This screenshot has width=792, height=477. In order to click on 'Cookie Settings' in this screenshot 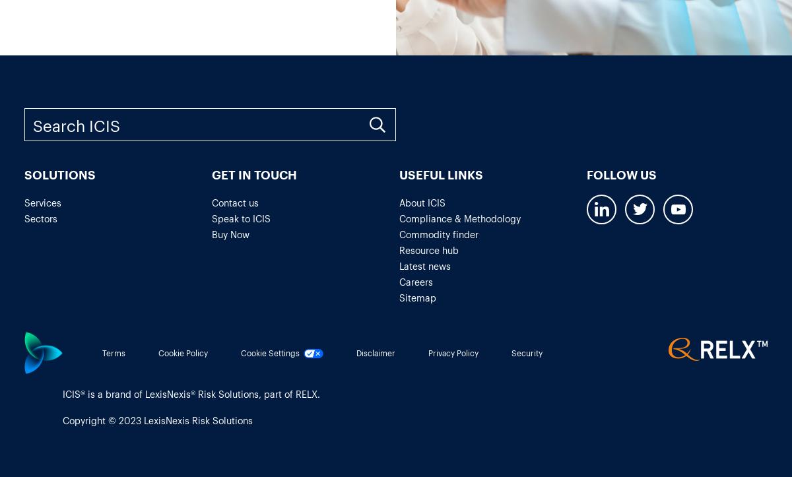, I will do `click(270, 352)`.